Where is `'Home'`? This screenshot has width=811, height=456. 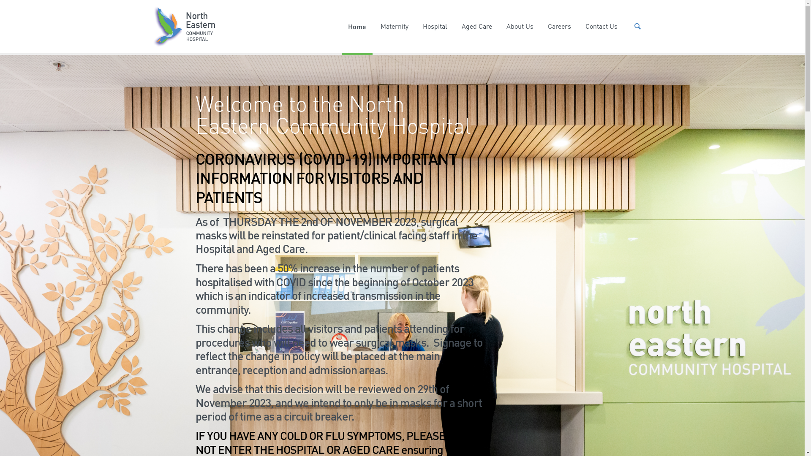 'Home' is located at coordinates (342, 26).